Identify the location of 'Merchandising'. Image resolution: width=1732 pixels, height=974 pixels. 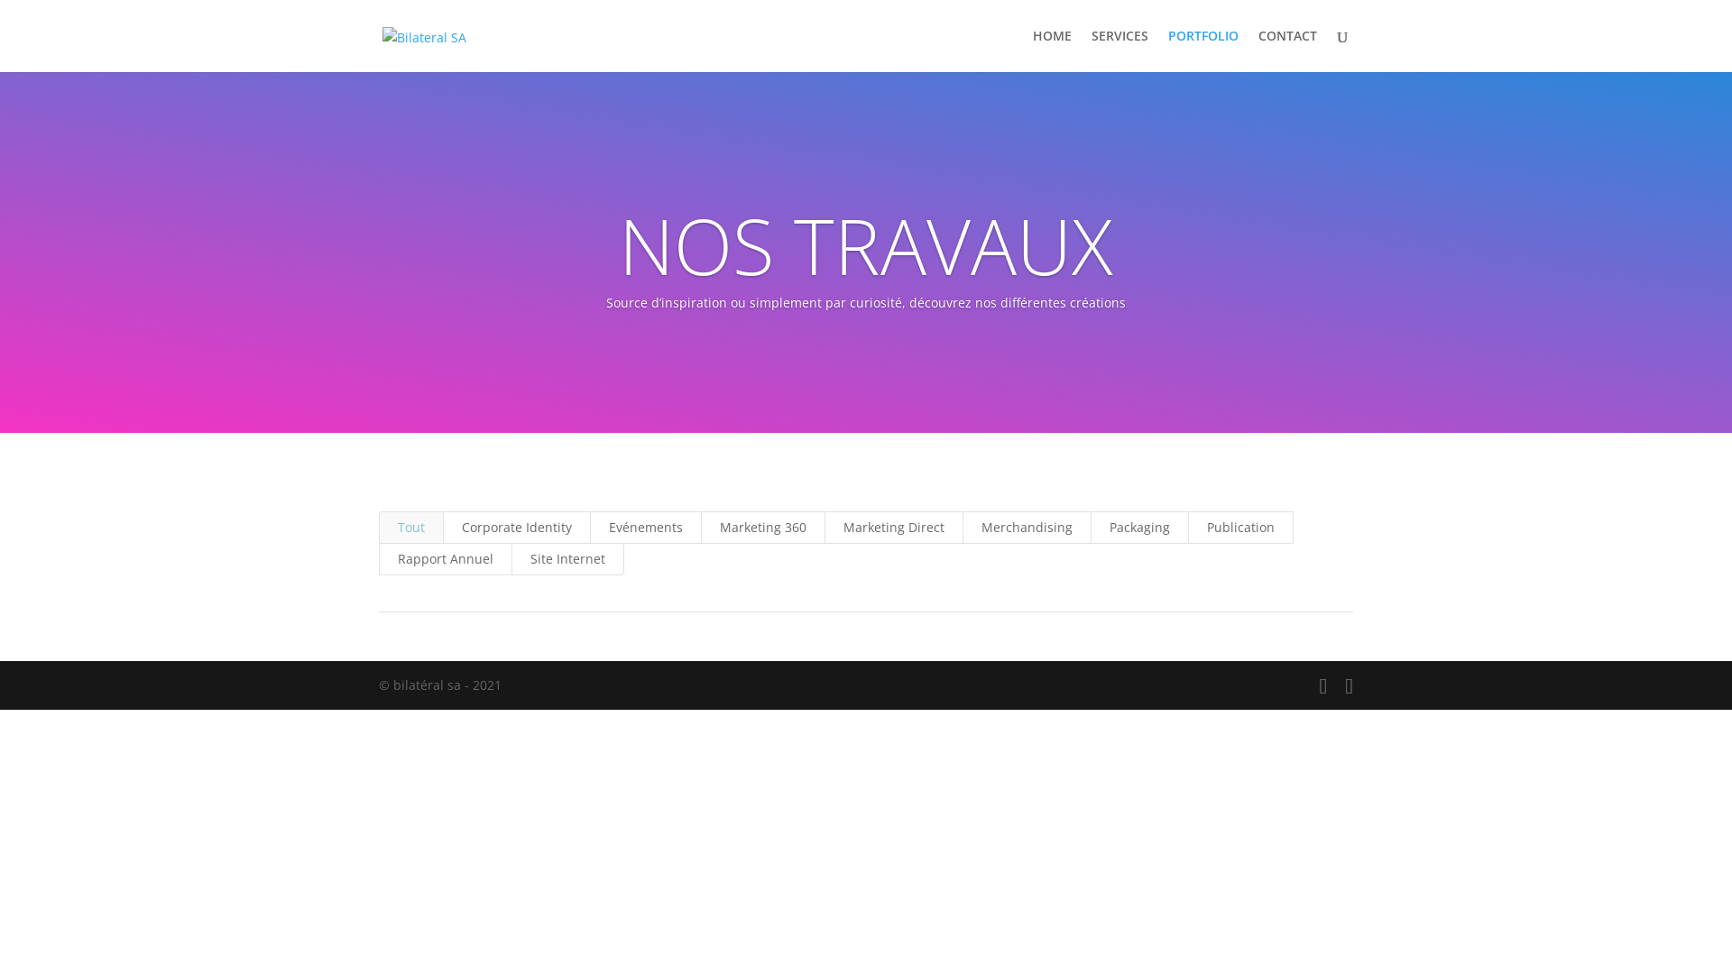
(1027, 528).